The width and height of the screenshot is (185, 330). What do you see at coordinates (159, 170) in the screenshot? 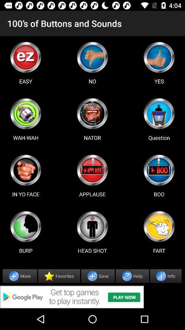
I see `profile picture` at bounding box center [159, 170].